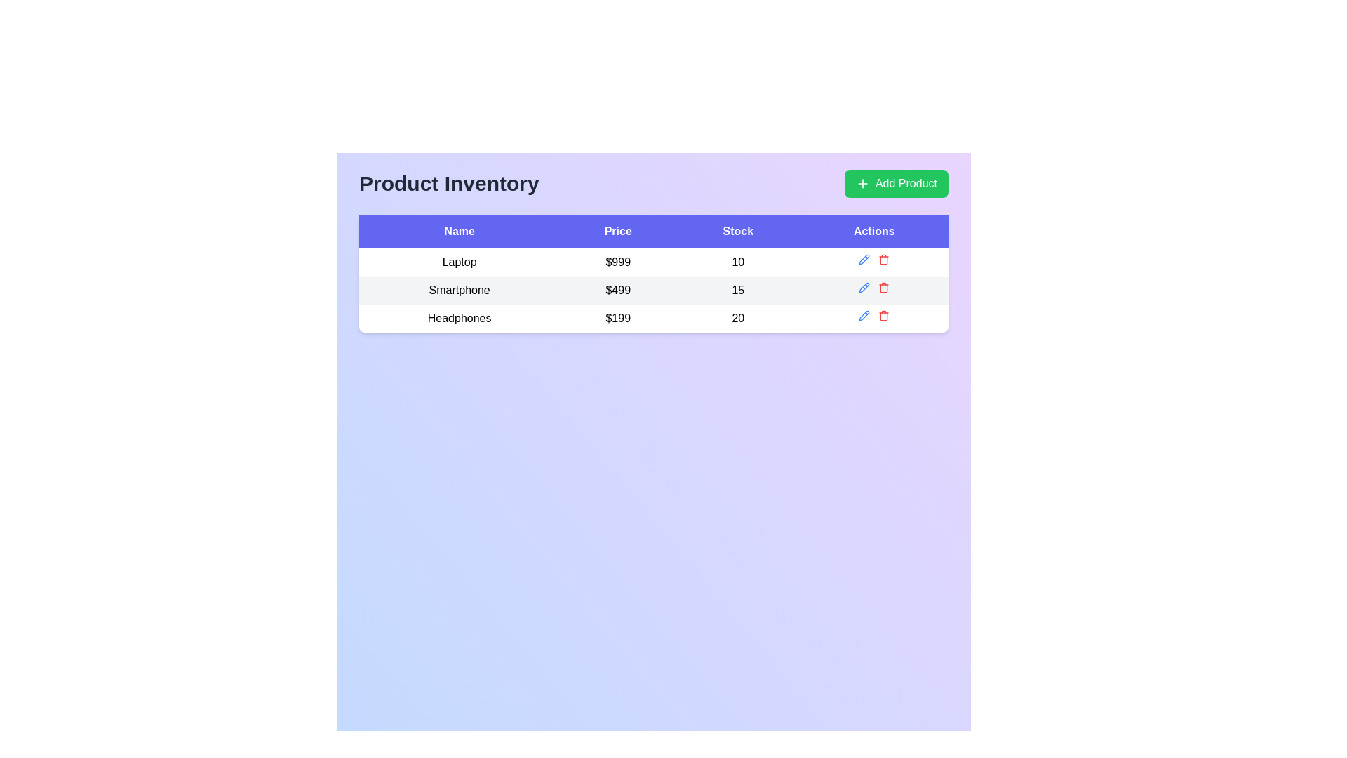 This screenshot has height=758, width=1347. What do you see at coordinates (617, 289) in the screenshot?
I see `the Text Display showing the price '$499' in black font on a light gray background, located in the second row under the 'Price' column, next to 'Smartphone'` at bounding box center [617, 289].